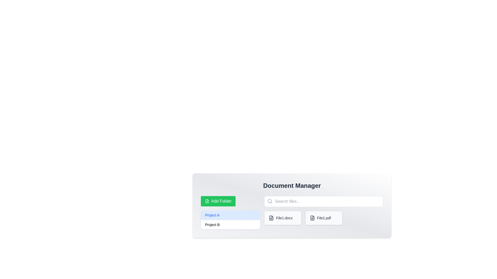 The height and width of the screenshot is (279, 497). I want to click on the document icon element, which is styled as a document with a plain white background and black borders, located, so click(271, 218).